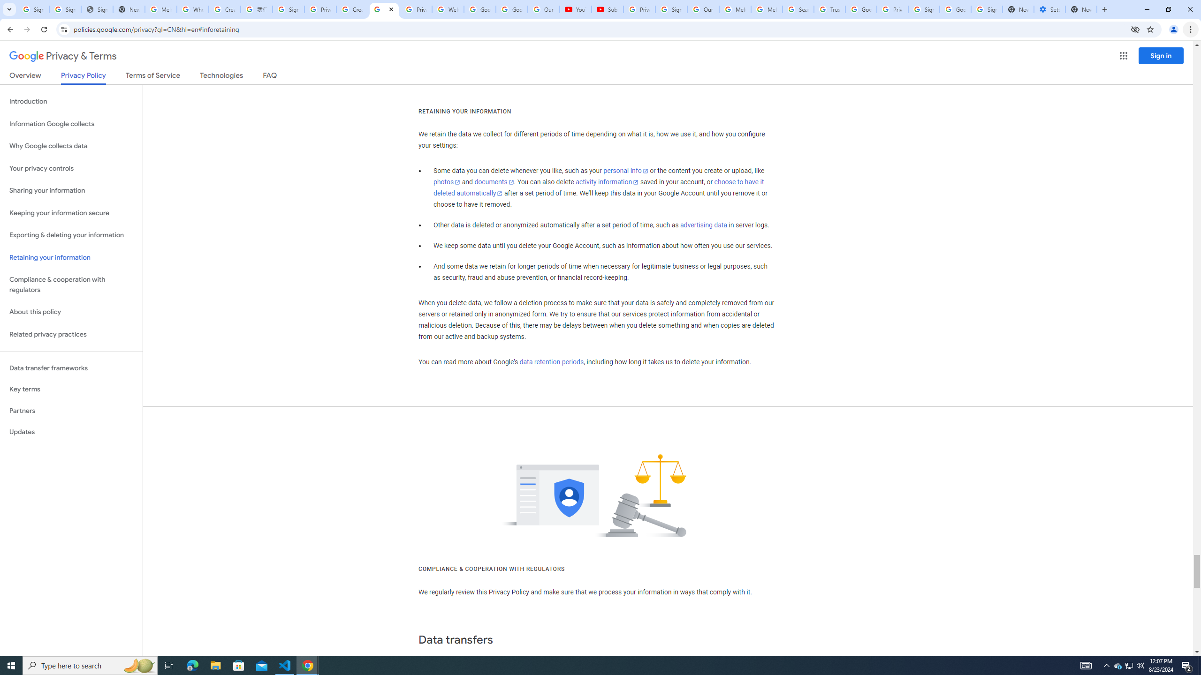  What do you see at coordinates (551, 362) in the screenshot?
I see `'data retention periods'` at bounding box center [551, 362].